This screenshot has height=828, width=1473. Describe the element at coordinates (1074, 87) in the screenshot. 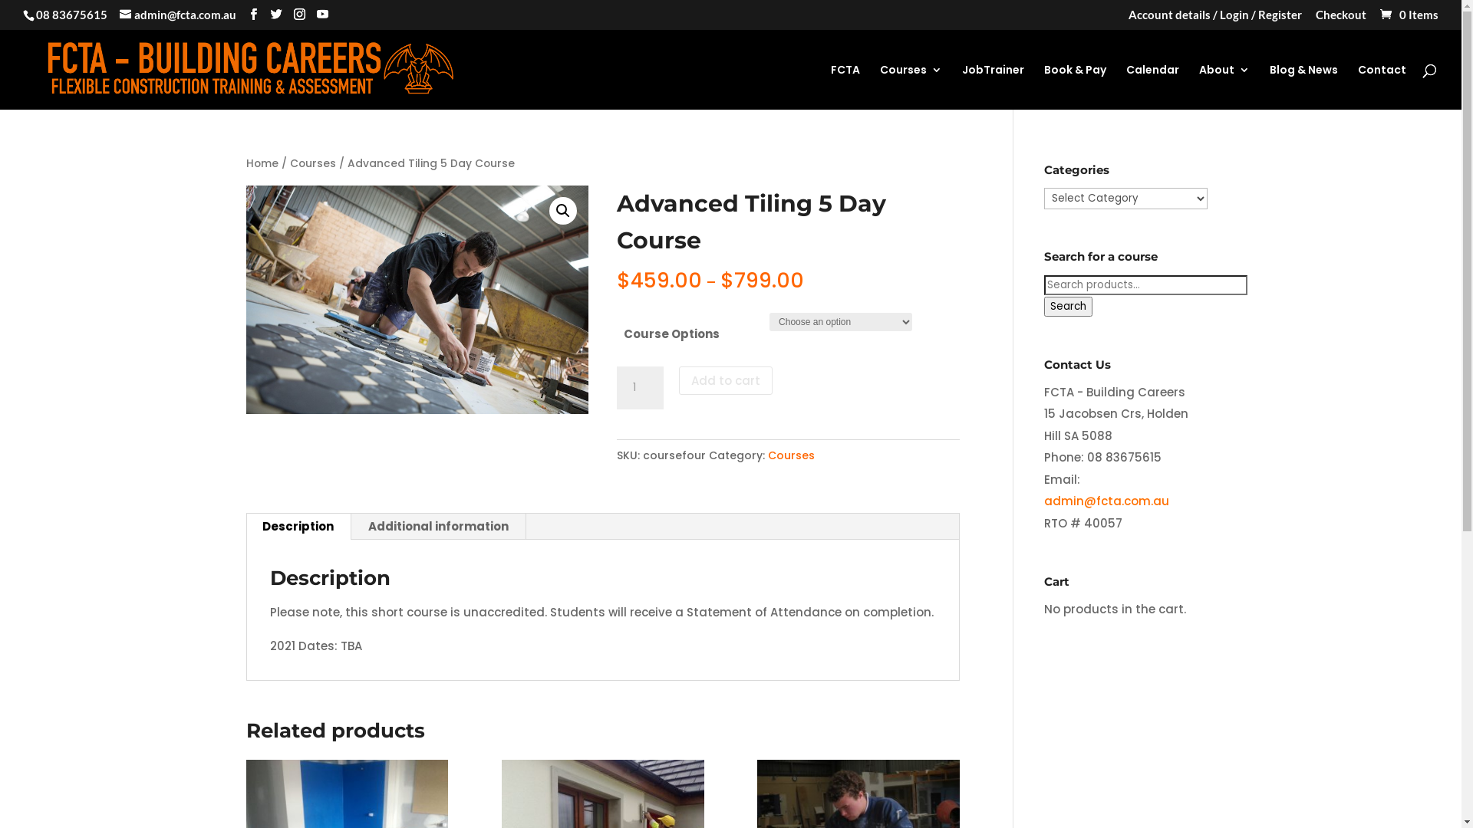

I see `'Book & Pay'` at that location.